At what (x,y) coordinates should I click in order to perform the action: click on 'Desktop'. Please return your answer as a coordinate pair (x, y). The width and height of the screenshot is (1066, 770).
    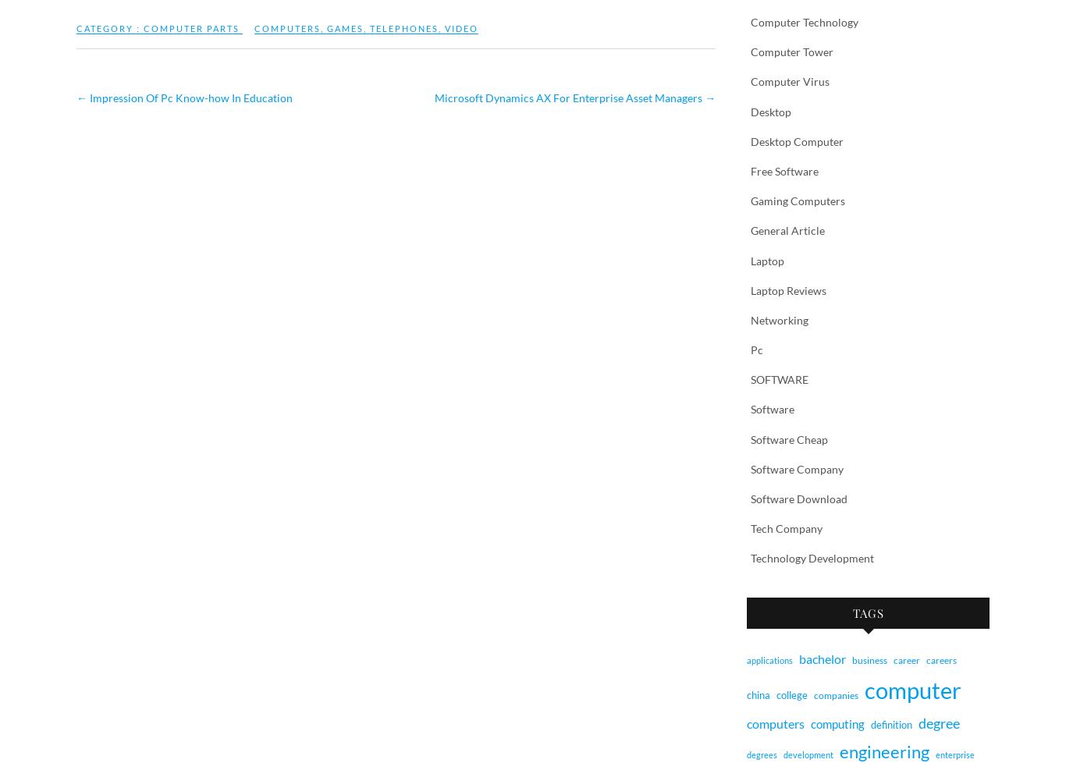
    Looking at the image, I should click on (771, 110).